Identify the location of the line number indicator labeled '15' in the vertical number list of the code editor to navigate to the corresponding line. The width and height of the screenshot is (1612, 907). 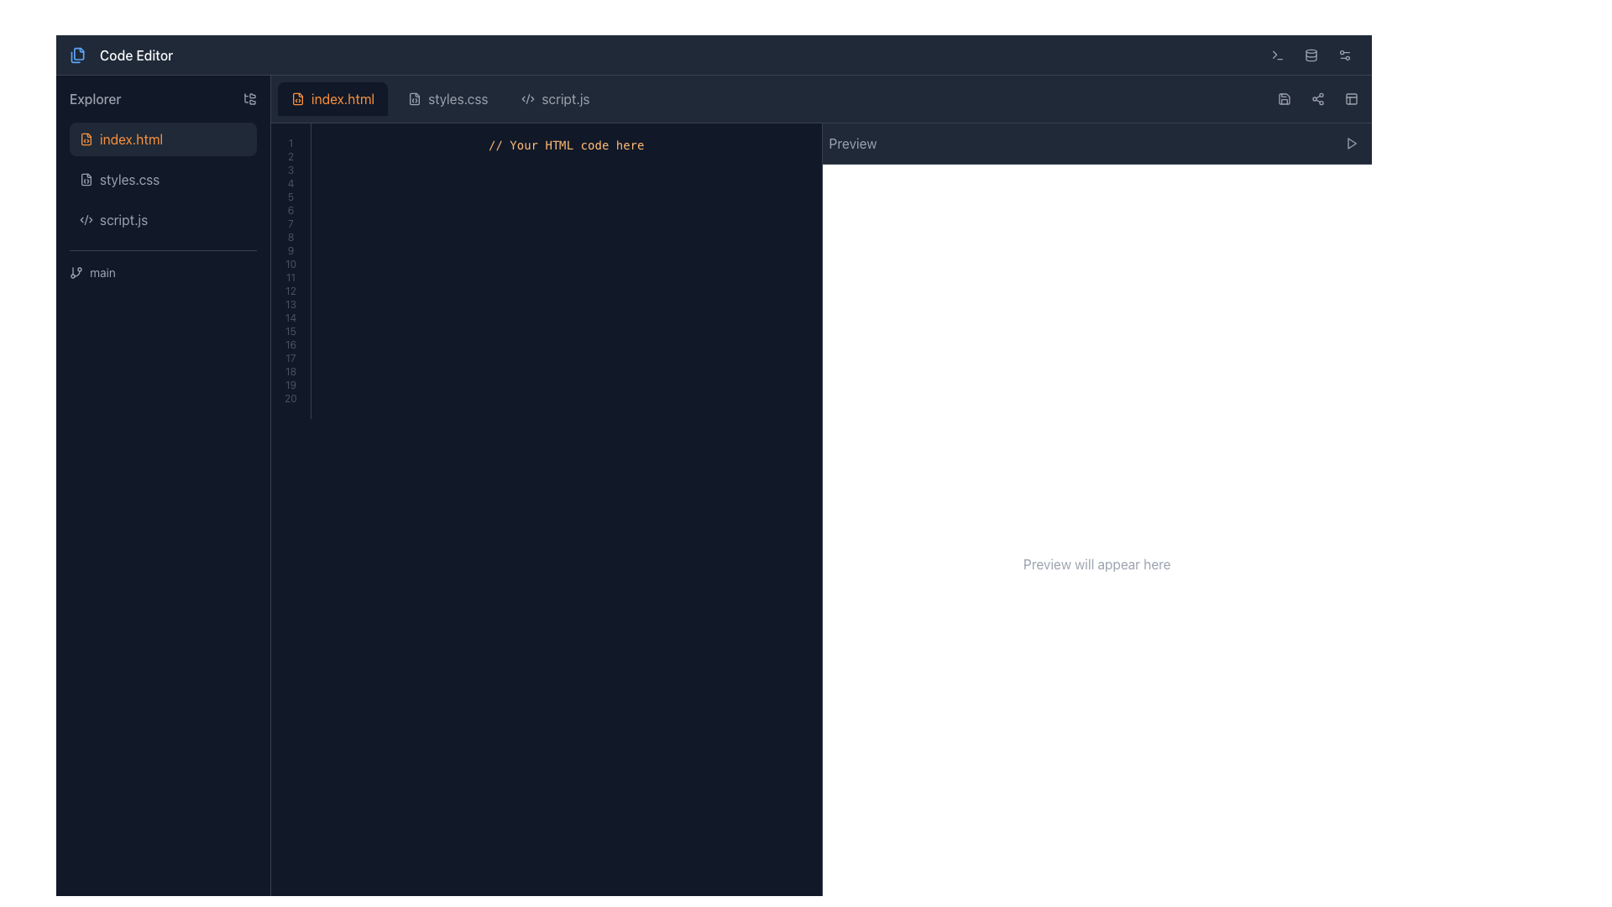
(290, 331).